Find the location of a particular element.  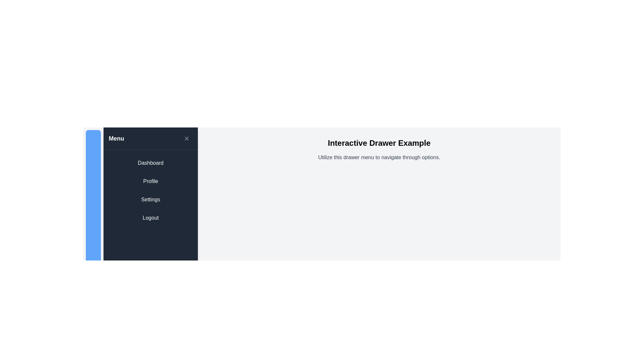

the close button icon resembling an 'X' located in the top-right corner of the header section, next to the 'Menu' text is located at coordinates (186, 138).